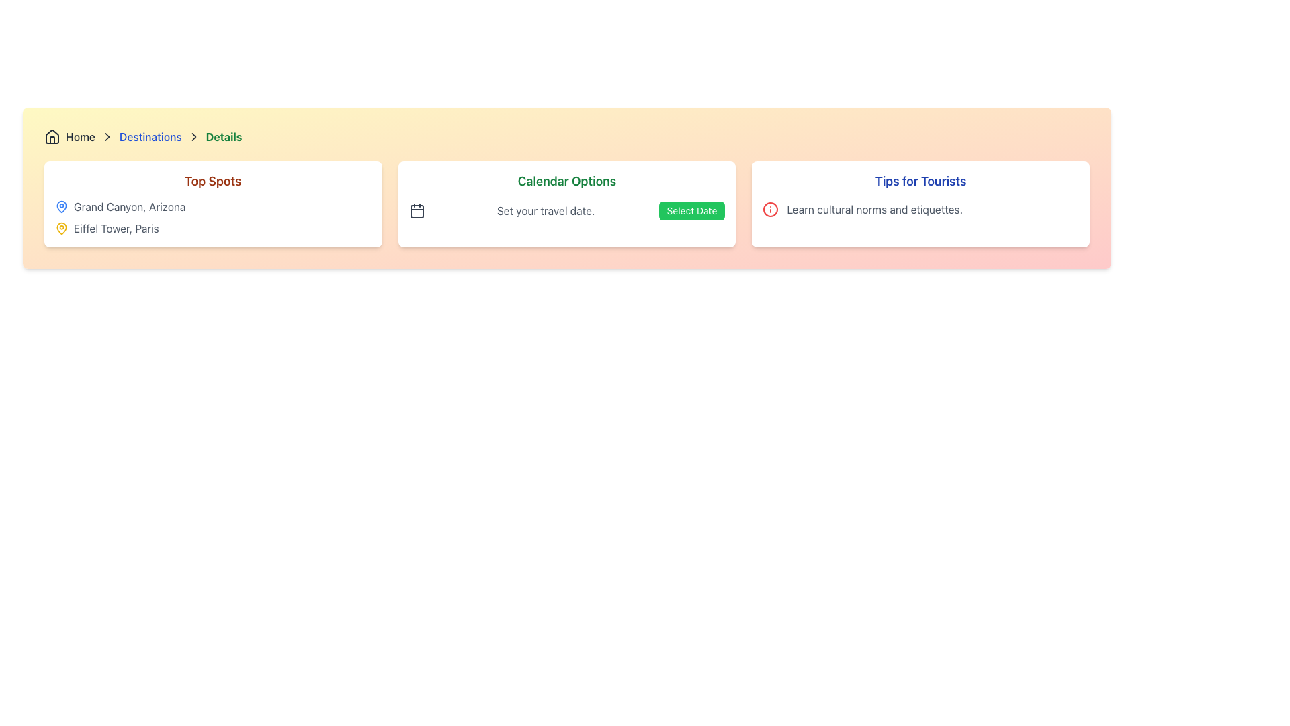 The width and height of the screenshot is (1290, 726). Describe the element at coordinates (60, 227) in the screenshot. I see `the icon that symbolizes the geographical location of 'Eiffel Tower, Paris' in the second line of the 'Top Spots' list for interaction, if enabled` at that location.